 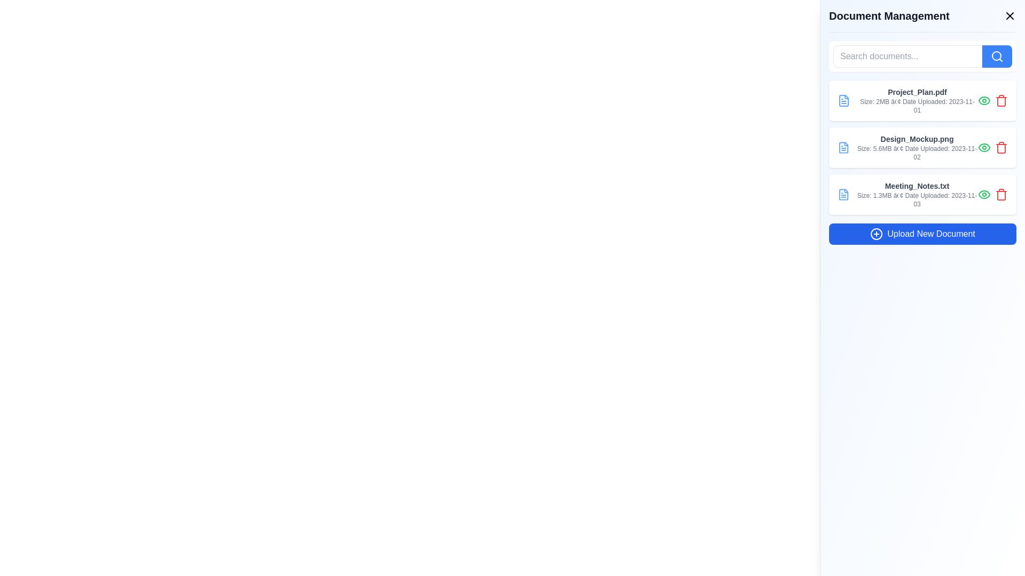 What do you see at coordinates (917, 185) in the screenshot?
I see `the text label 'Meeting_Notes.txt', which is displayed in bold at the top of the file details section in the 'Document Management' panel` at bounding box center [917, 185].